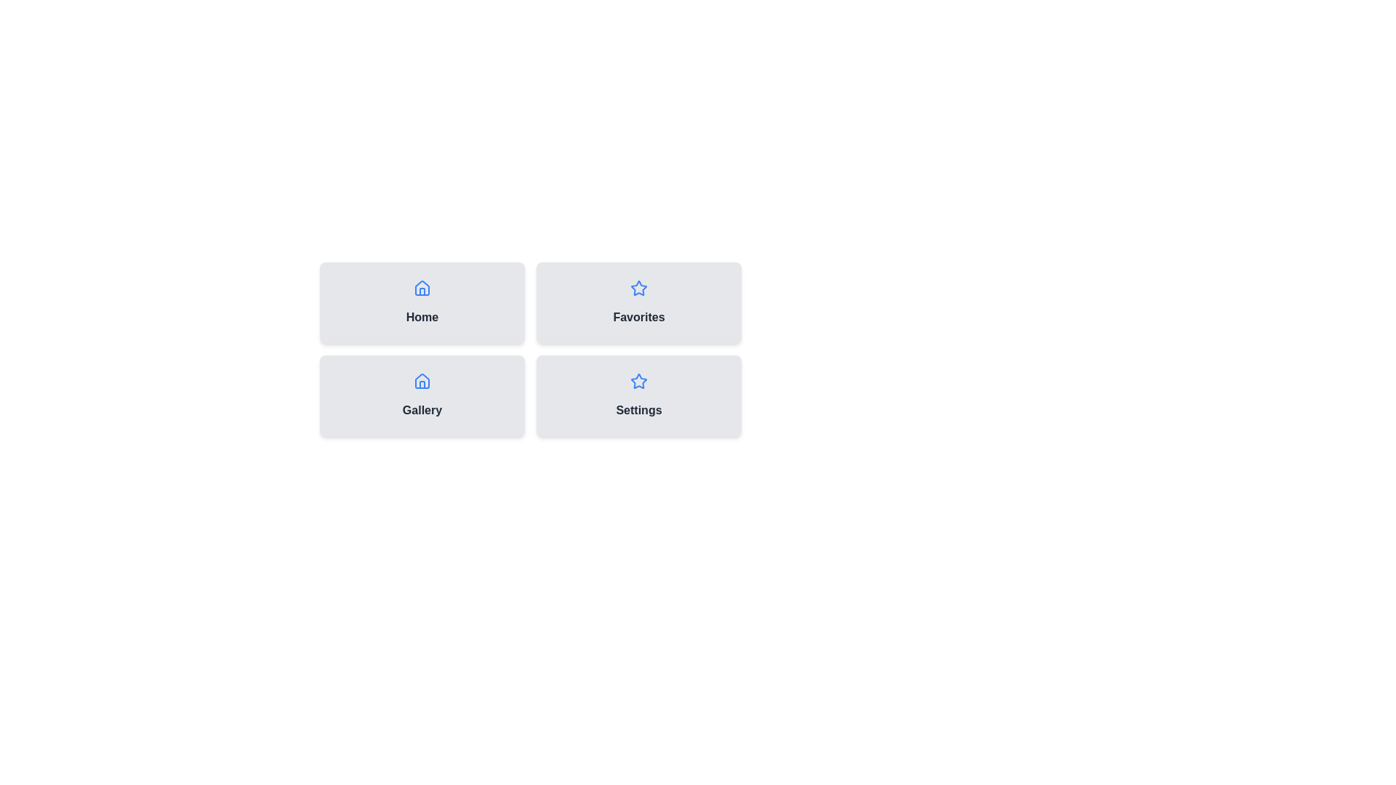 The height and width of the screenshot is (785, 1396). What do you see at coordinates (421, 302) in the screenshot?
I see `the 'Home' button-like card located in the top-left corner of the grid layout` at bounding box center [421, 302].